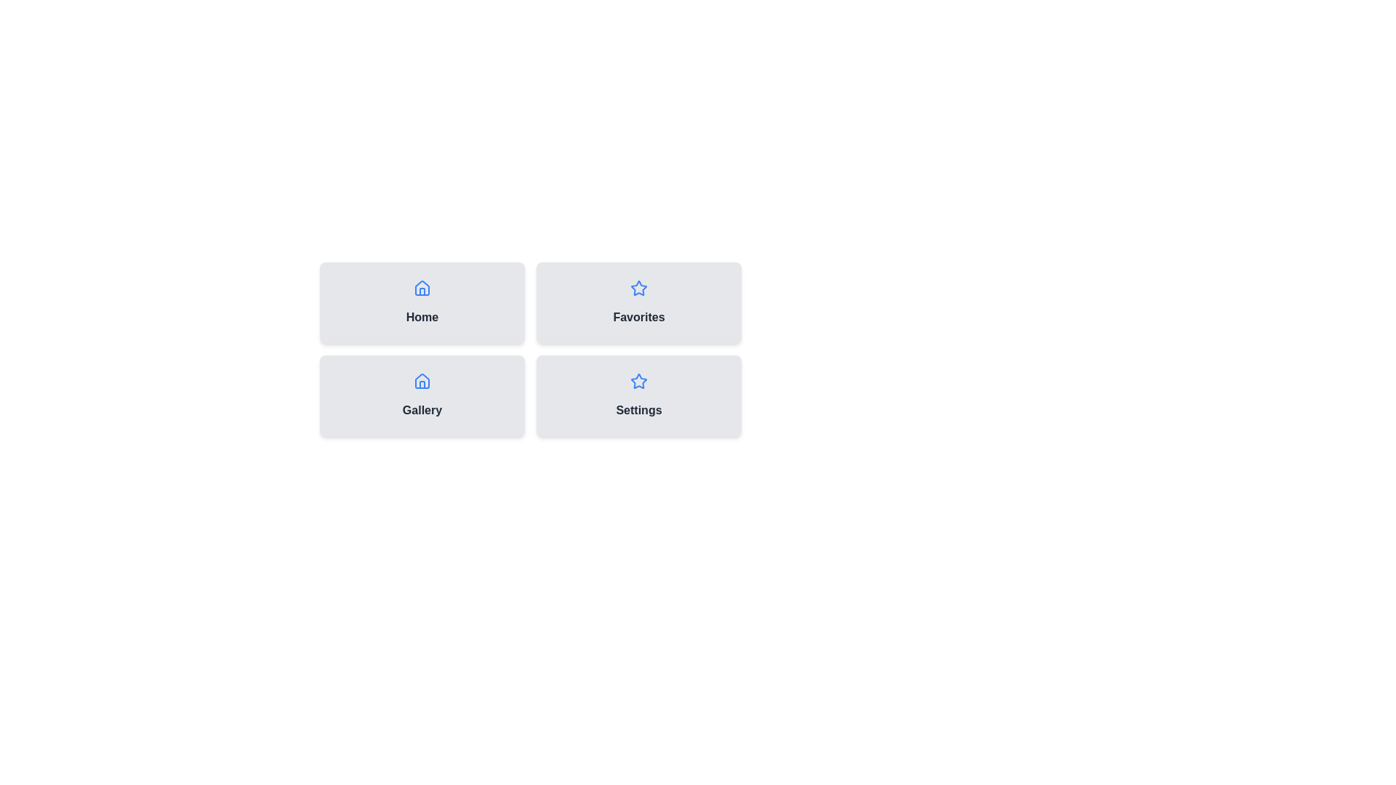 The height and width of the screenshot is (785, 1396). What do you see at coordinates (421, 302) in the screenshot?
I see `the 'Home' button-like card located in the top-left corner of the grid layout` at bounding box center [421, 302].